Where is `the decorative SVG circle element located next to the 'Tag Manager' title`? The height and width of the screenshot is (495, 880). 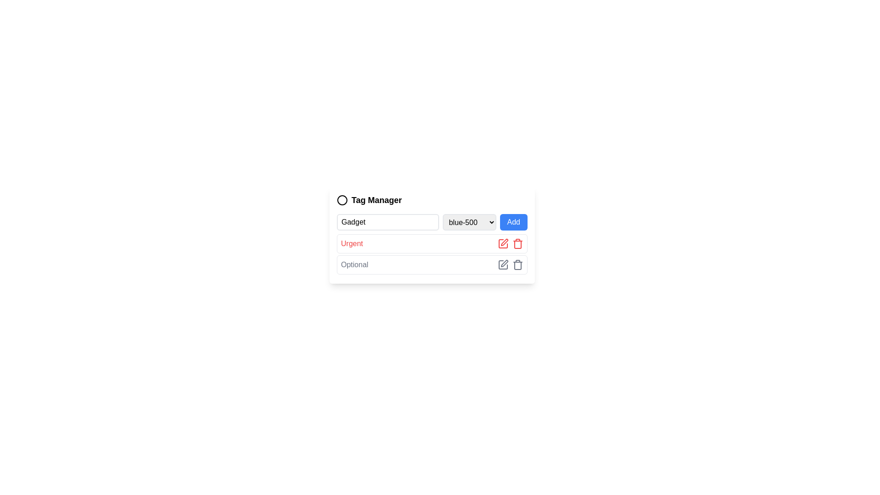
the decorative SVG circle element located next to the 'Tag Manager' title is located at coordinates (342, 199).